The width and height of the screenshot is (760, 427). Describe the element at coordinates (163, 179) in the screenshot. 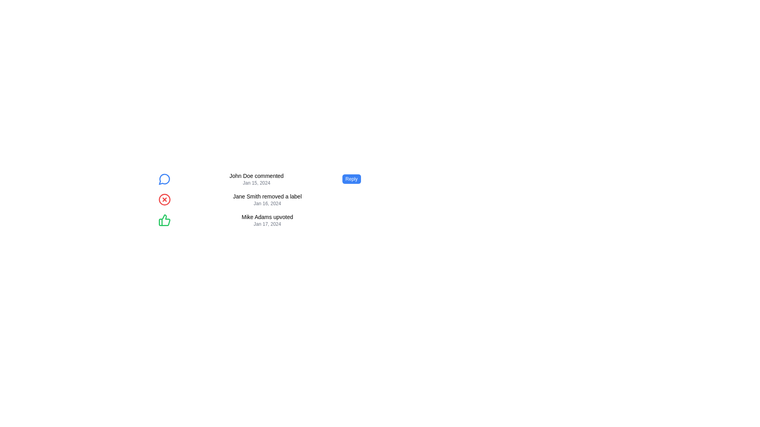

I see `the comment icon located at the top-left section of the interface` at that location.